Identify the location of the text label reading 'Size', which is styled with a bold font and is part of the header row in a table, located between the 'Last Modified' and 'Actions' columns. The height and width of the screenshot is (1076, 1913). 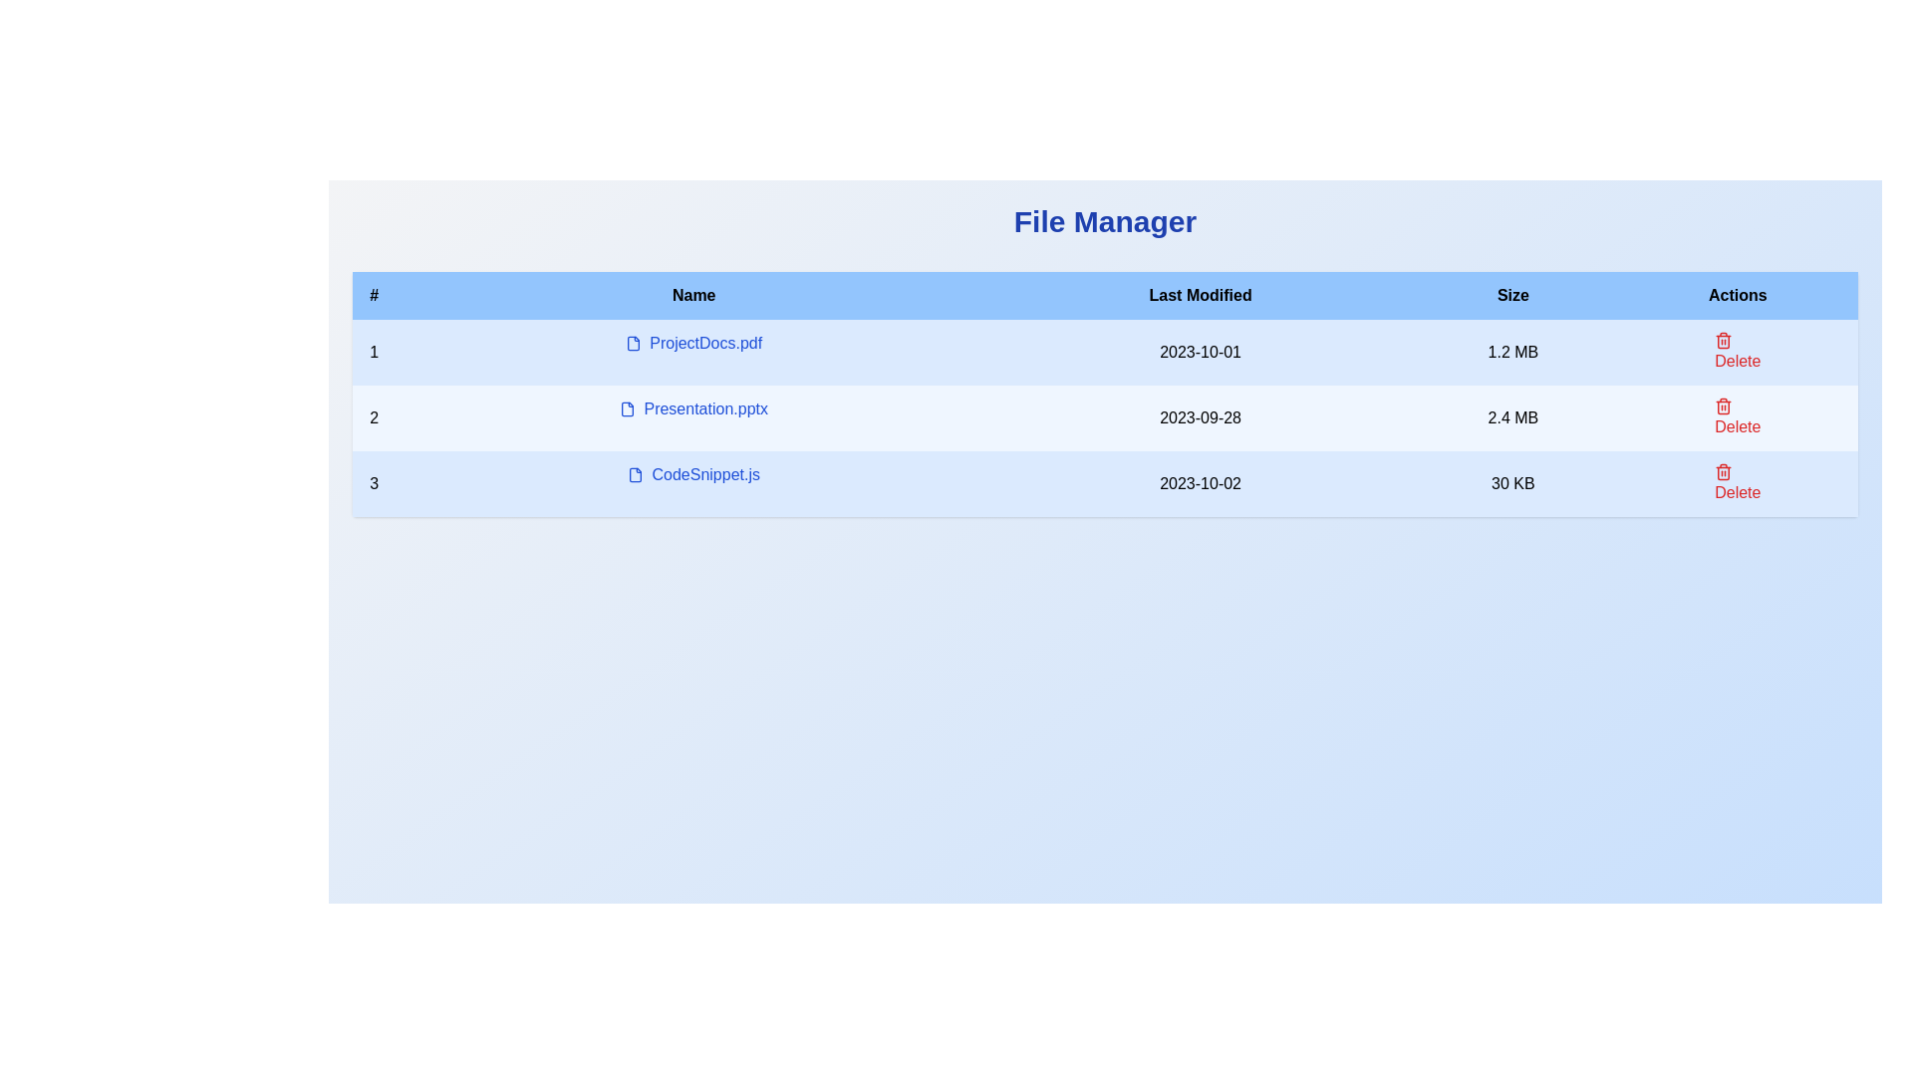
(1512, 296).